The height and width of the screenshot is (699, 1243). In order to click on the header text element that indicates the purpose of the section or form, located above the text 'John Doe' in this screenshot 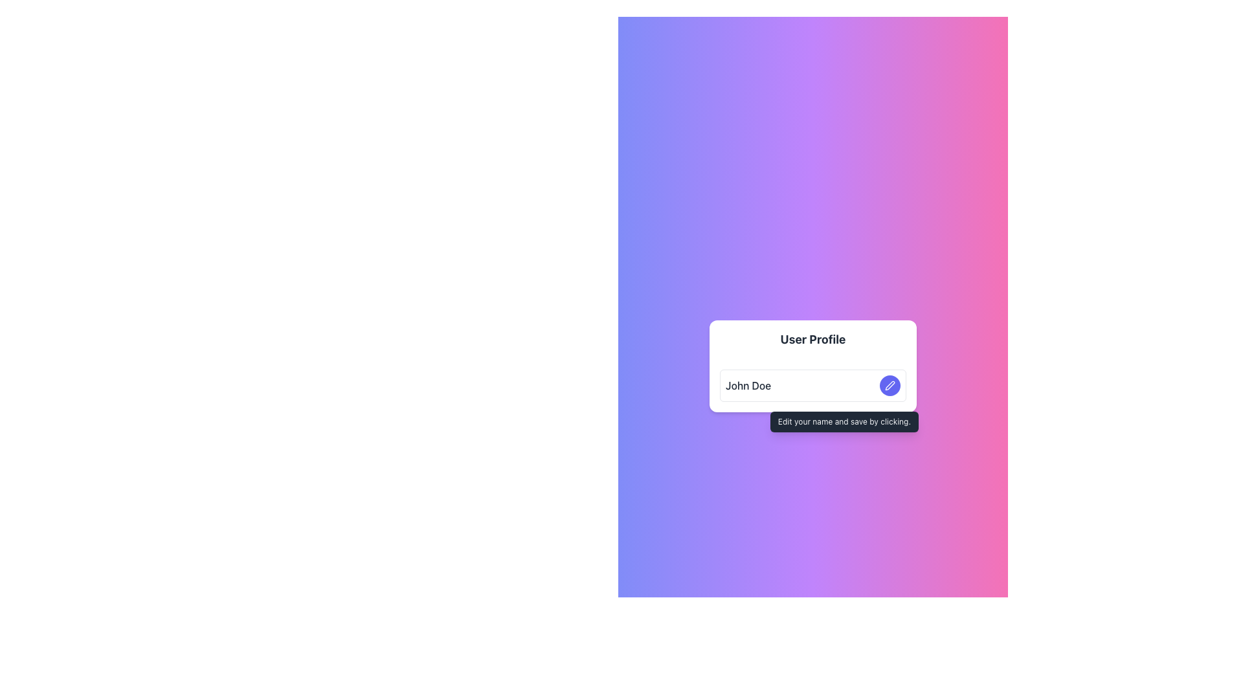, I will do `click(812, 338)`.